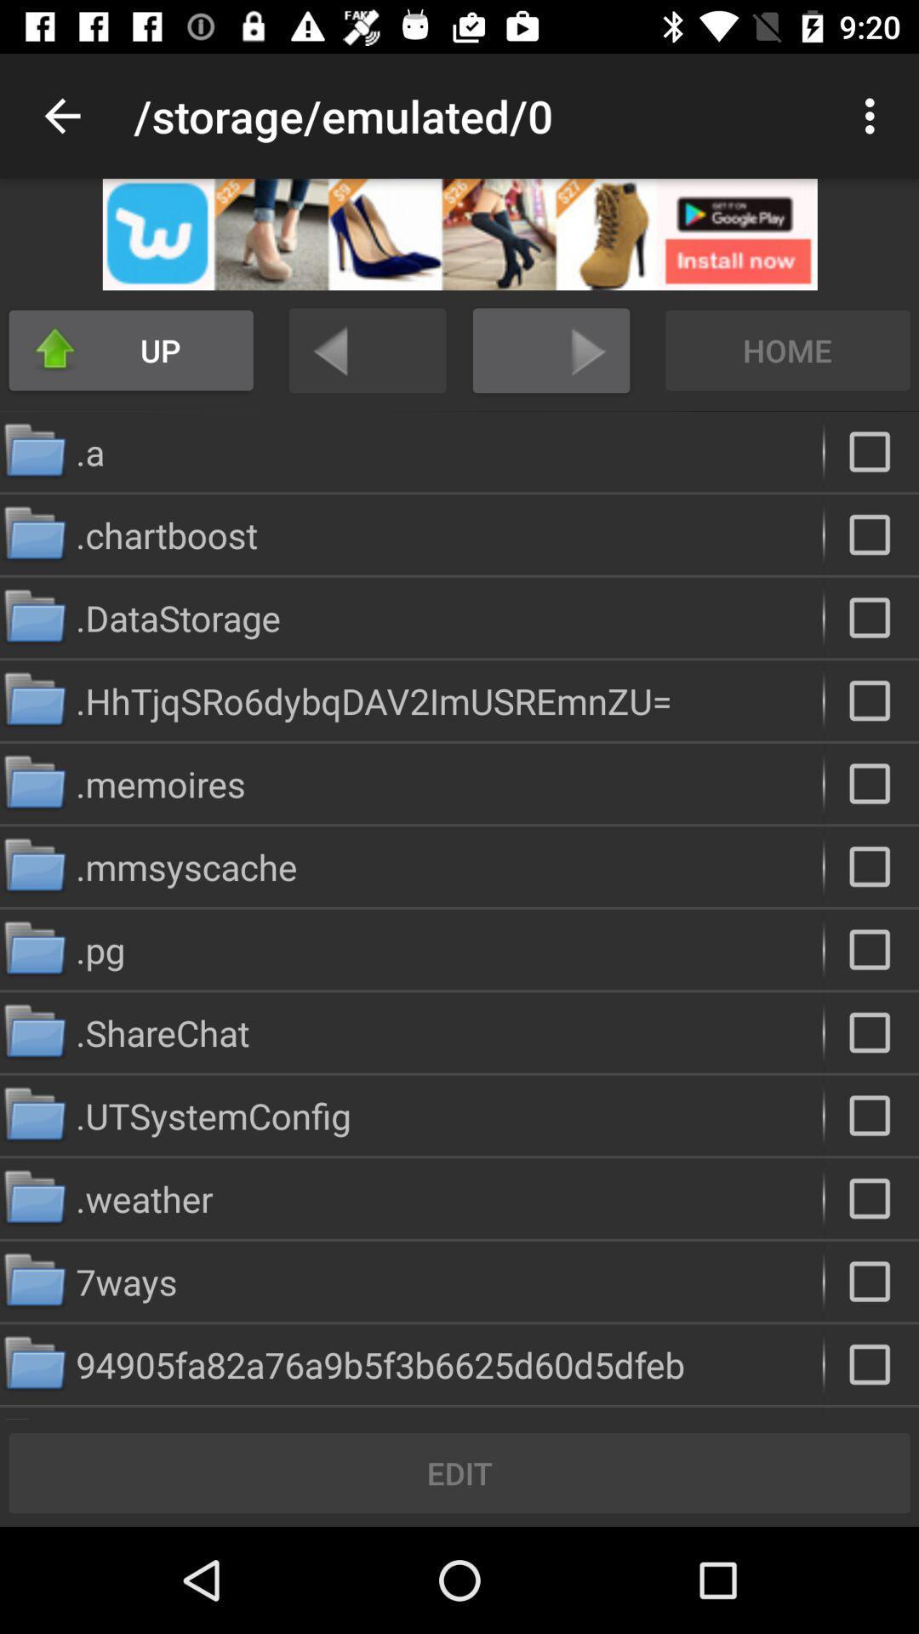 The width and height of the screenshot is (919, 1634). Describe the element at coordinates (871, 1115) in the screenshot. I see `folder` at that location.